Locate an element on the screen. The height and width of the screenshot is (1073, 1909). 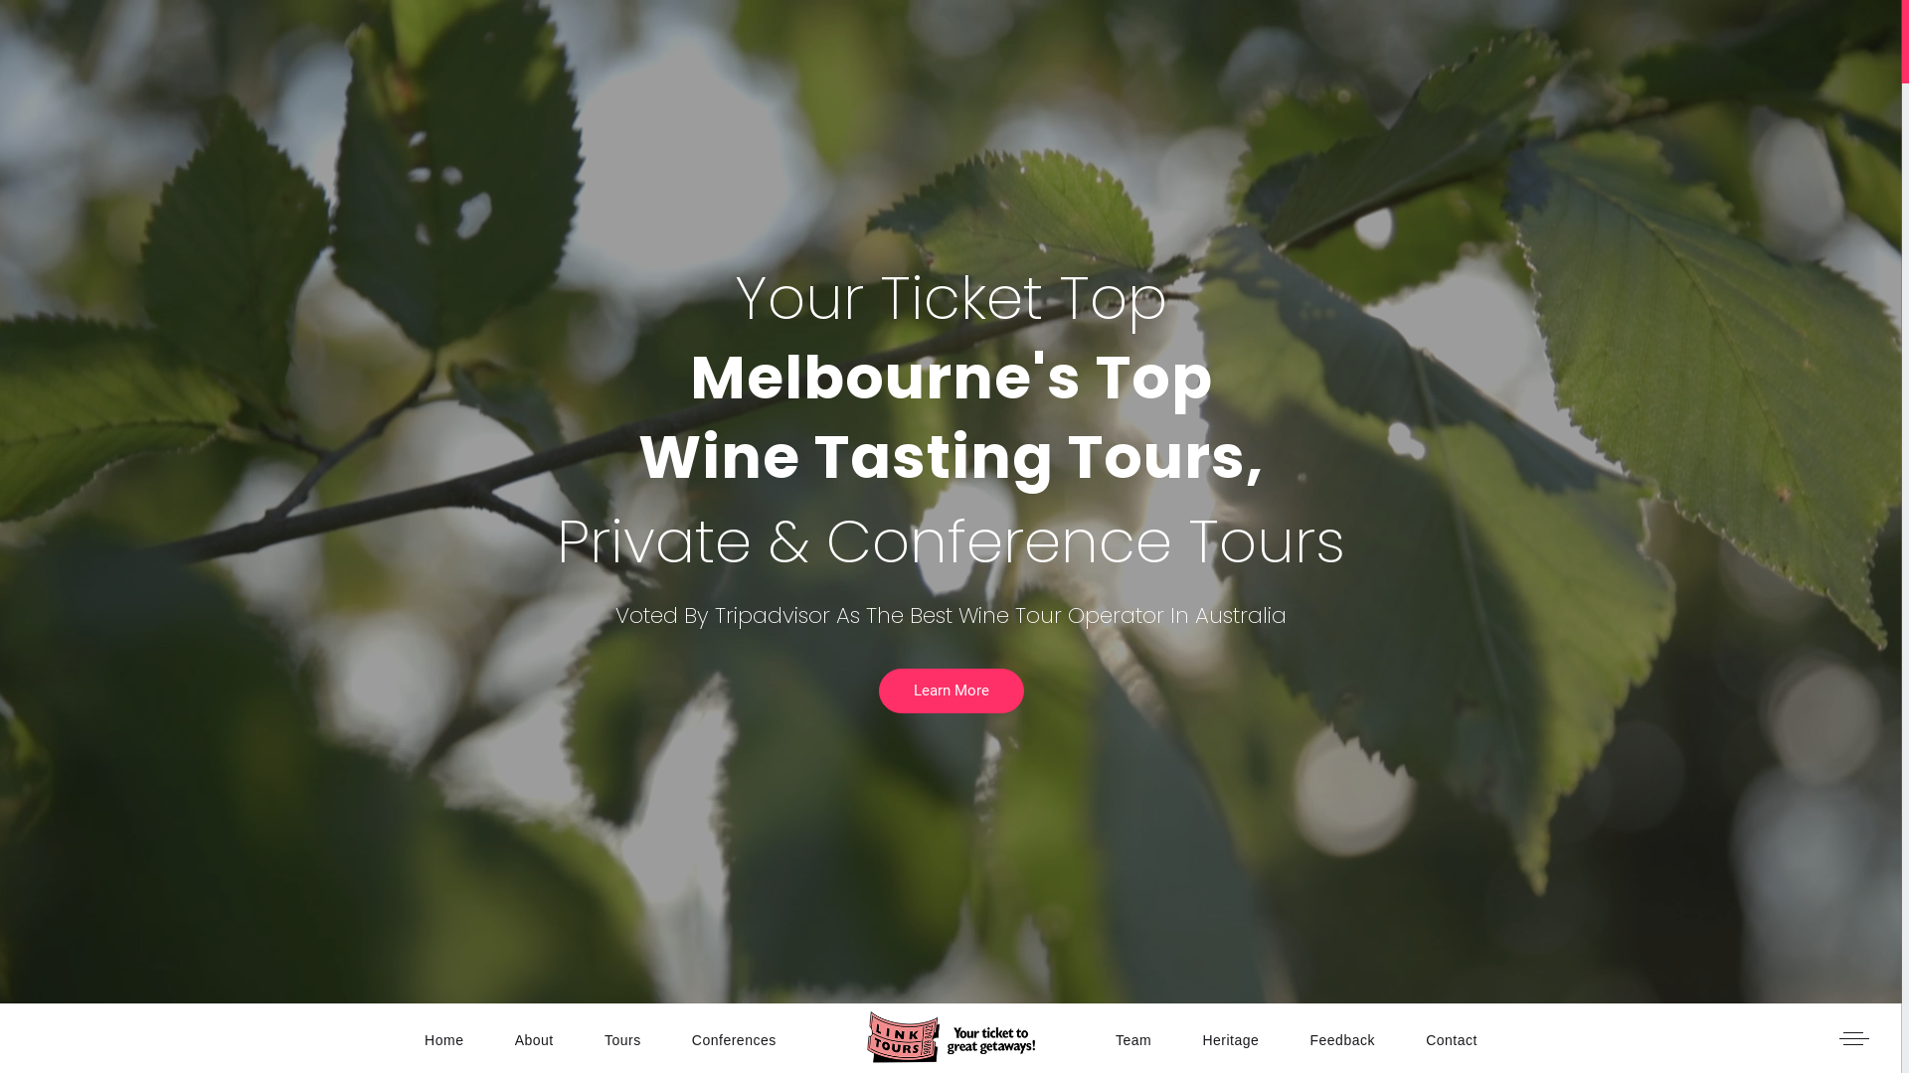
'Learn More' is located at coordinates (950, 690).